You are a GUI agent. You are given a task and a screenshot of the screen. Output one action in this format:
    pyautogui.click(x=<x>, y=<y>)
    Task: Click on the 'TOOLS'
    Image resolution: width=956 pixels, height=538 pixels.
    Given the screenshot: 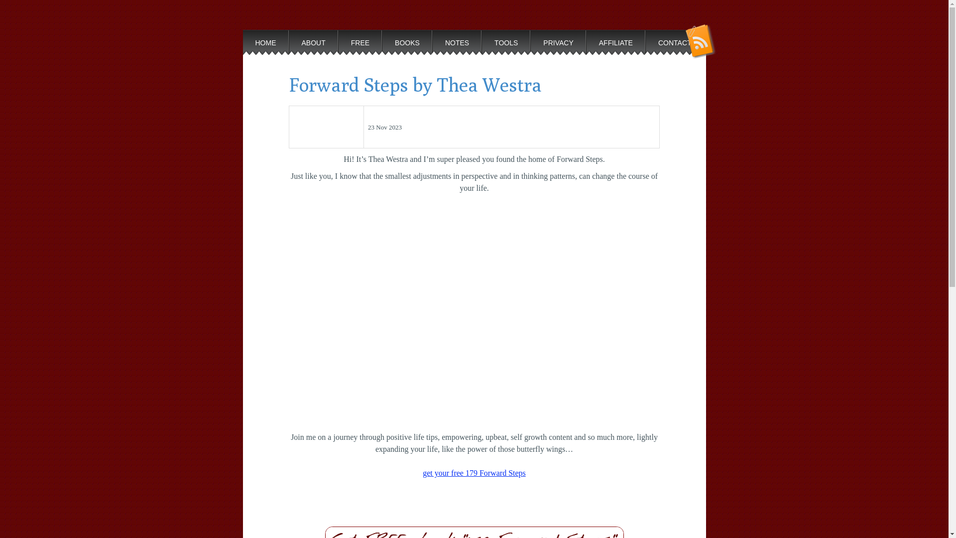 What is the action you would take?
    pyautogui.click(x=506, y=46)
    